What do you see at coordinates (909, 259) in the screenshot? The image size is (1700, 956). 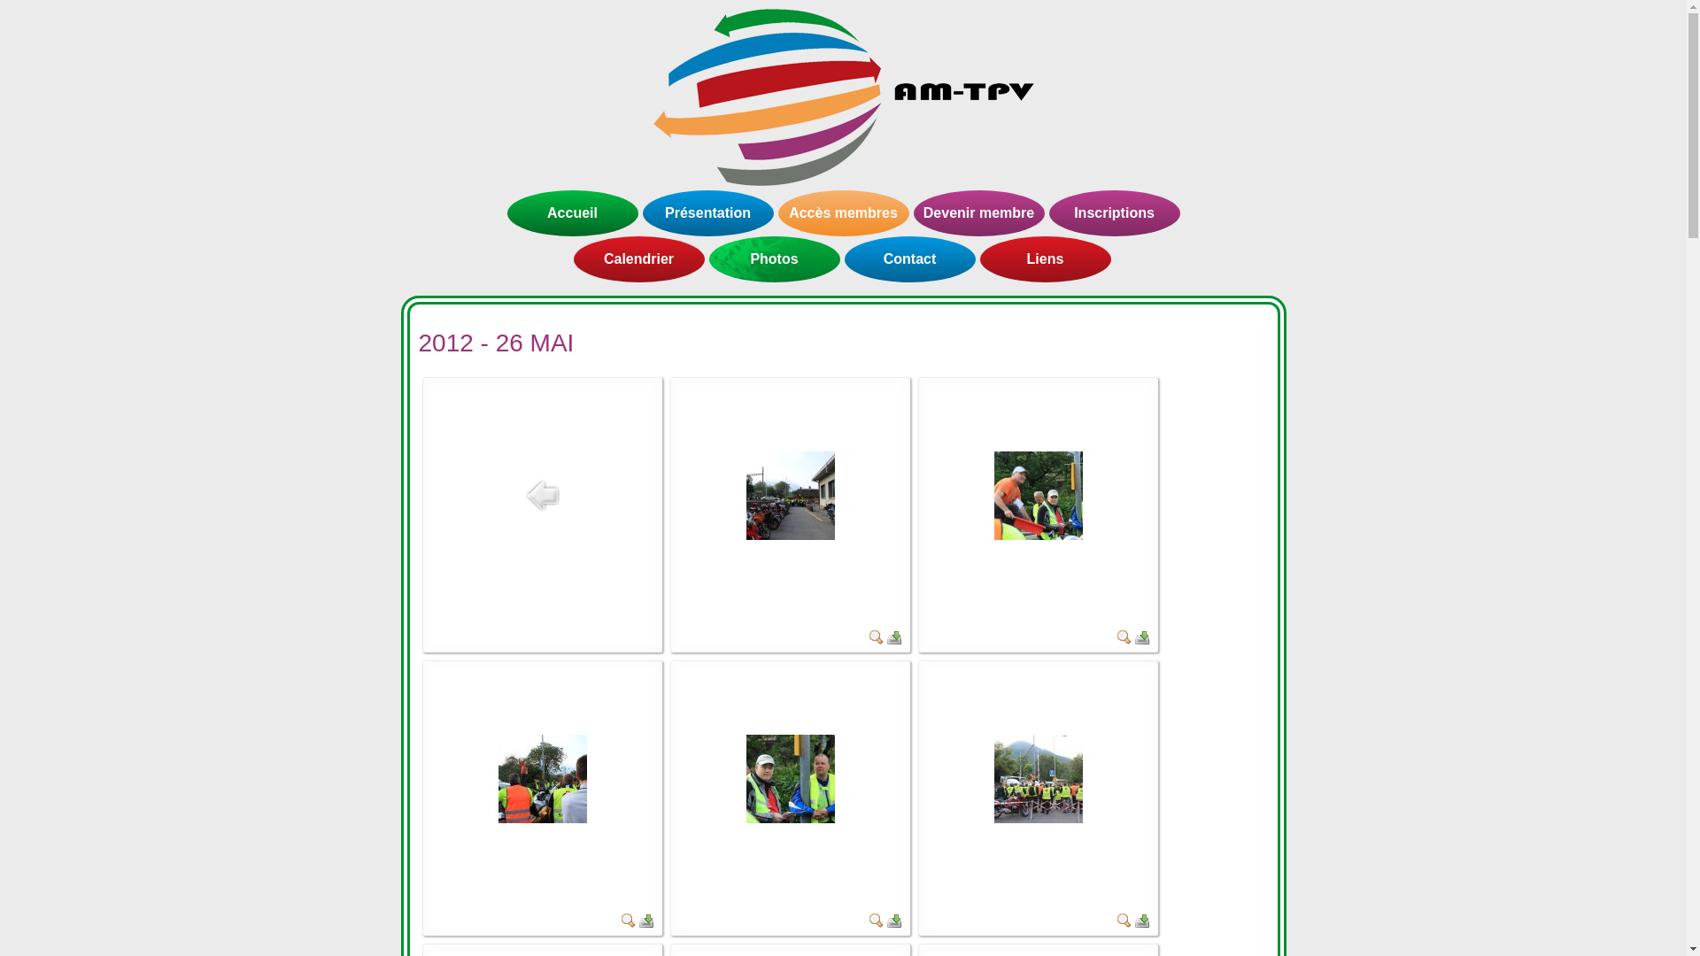 I see `'Contact'` at bounding box center [909, 259].